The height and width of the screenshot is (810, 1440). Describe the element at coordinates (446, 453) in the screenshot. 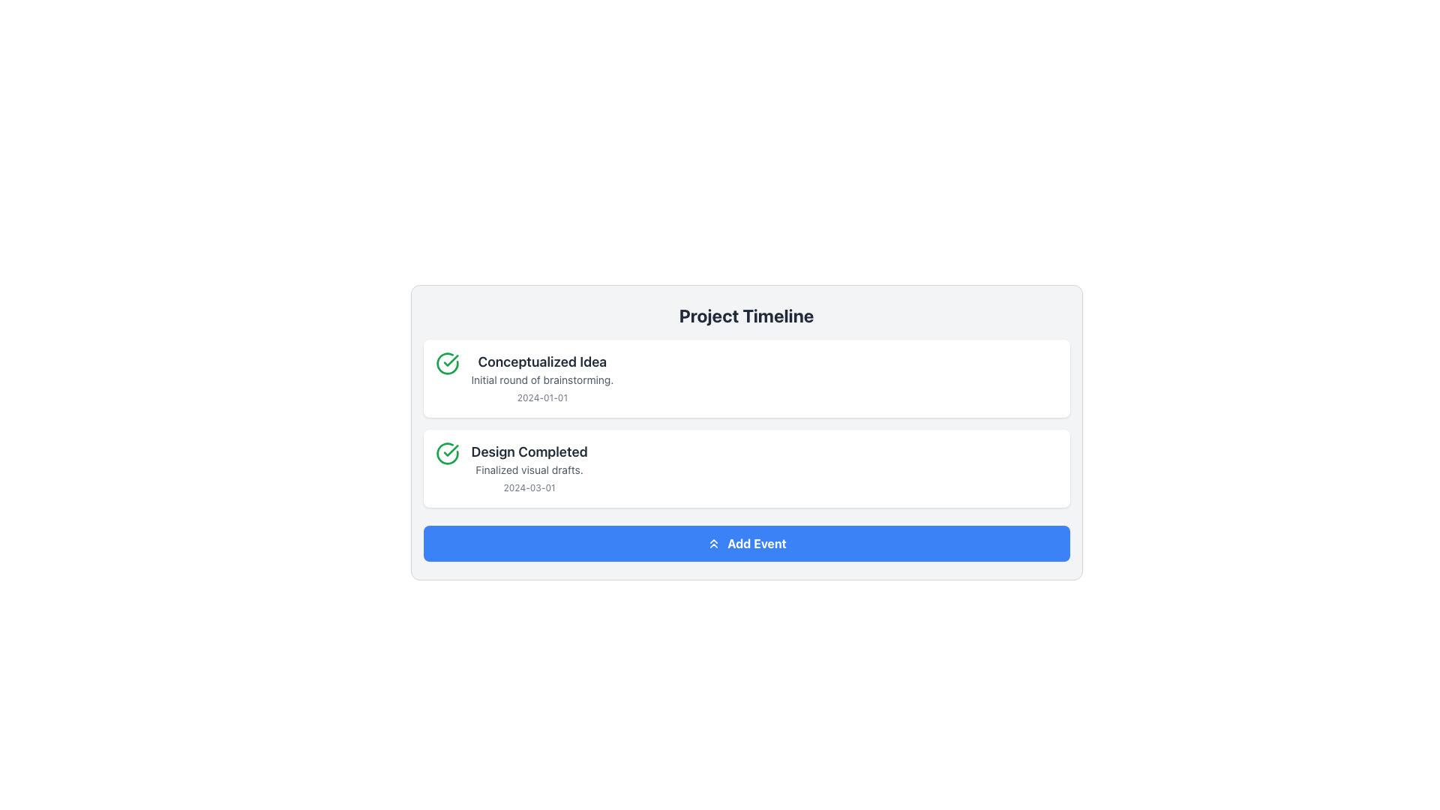

I see `the green outlined circle icon with a check mark inside, located in the left section of the lower card indicating 'Design Completed'` at that location.